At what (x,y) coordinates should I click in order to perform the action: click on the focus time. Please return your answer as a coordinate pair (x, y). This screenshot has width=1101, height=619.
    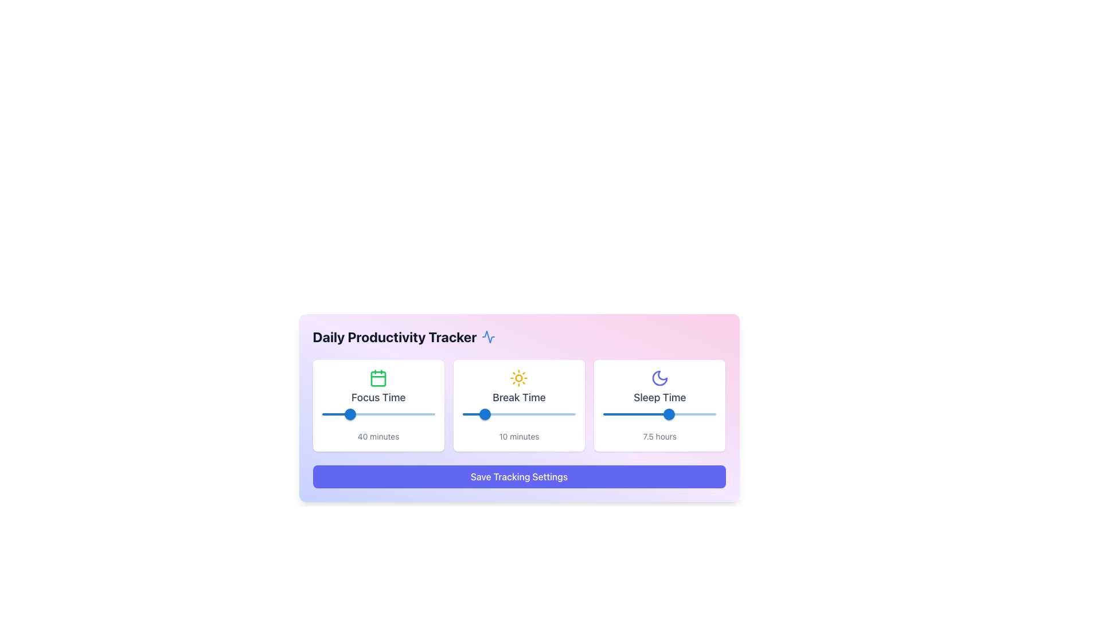
    Looking at the image, I should click on (374, 414).